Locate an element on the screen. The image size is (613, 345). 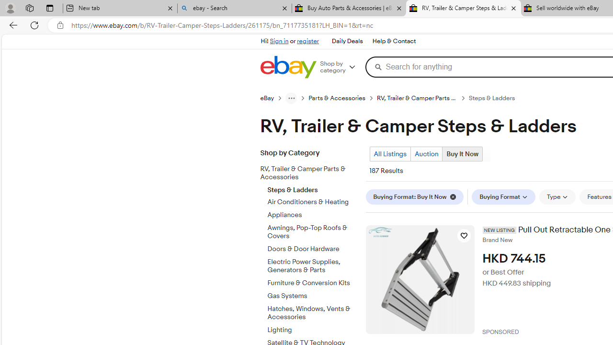
'Steps & Ladders' is located at coordinates (313, 188).